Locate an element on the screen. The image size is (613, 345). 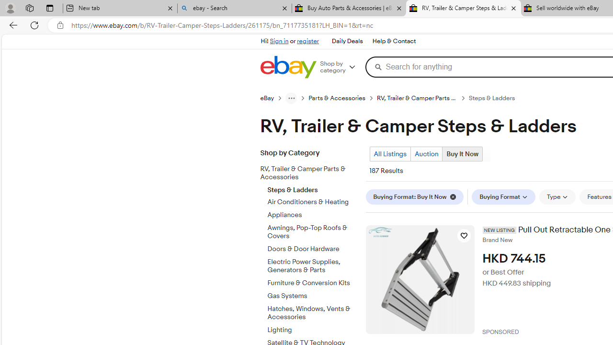
'Steps & Ladders' is located at coordinates (313, 188).